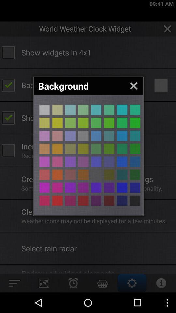  What do you see at coordinates (70, 149) in the screenshot?
I see `colour background option` at bounding box center [70, 149].